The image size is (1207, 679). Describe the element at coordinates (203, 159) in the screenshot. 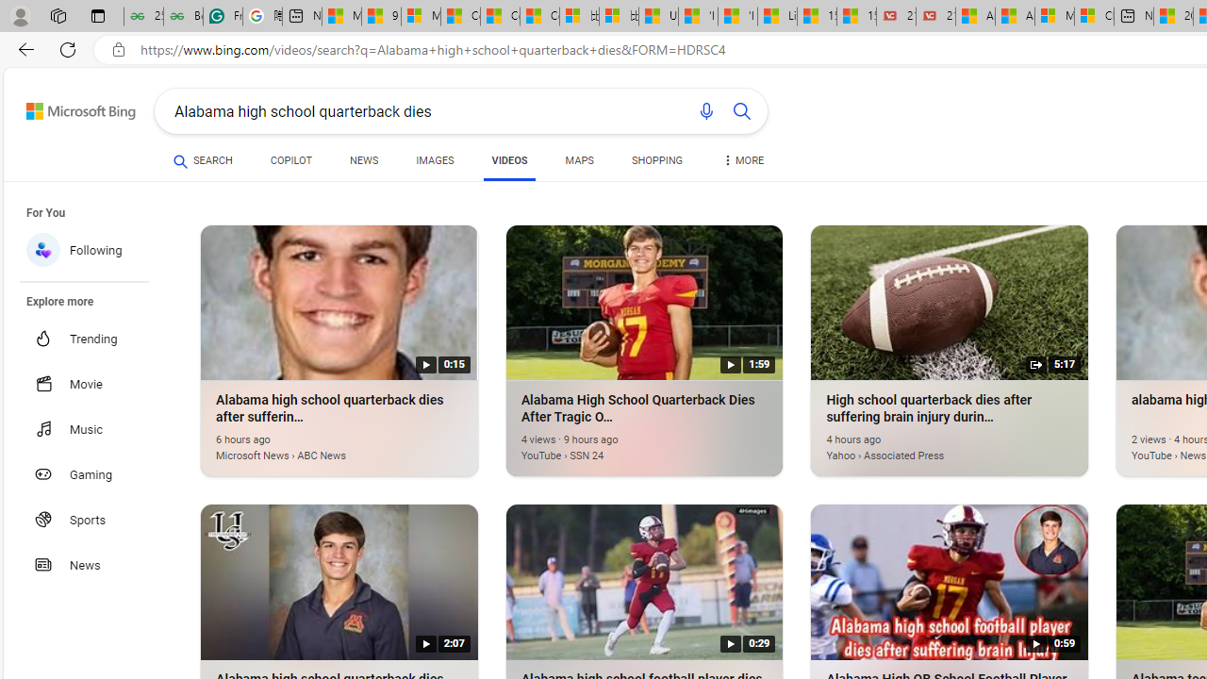

I see `'SEARCH'` at that location.